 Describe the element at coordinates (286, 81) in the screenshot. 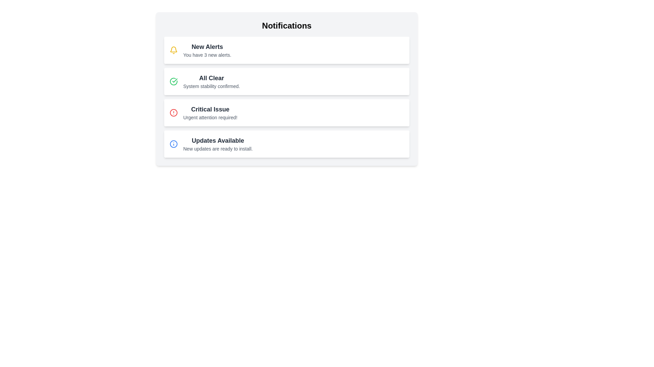

I see `the Notification card that provides a status update indicating everything is operating normally, located between 'New Alerts' and 'Critical Issue' in the Notifications list` at that location.